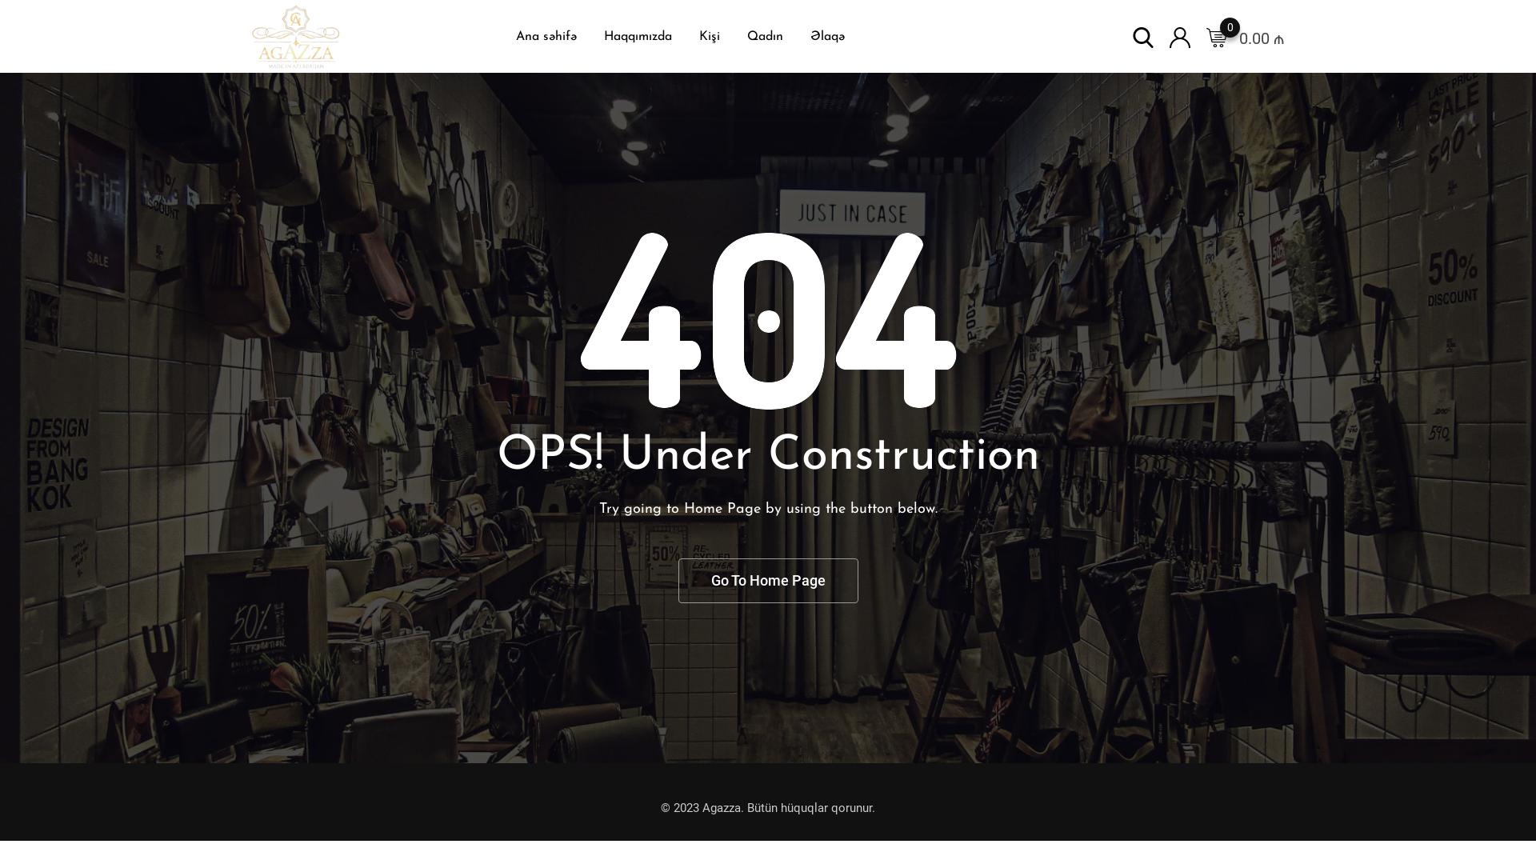 This screenshot has height=864, width=1536. What do you see at coordinates (1206, 36) in the screenshot?
I see `'0'` at bounding box center [1206, 36].